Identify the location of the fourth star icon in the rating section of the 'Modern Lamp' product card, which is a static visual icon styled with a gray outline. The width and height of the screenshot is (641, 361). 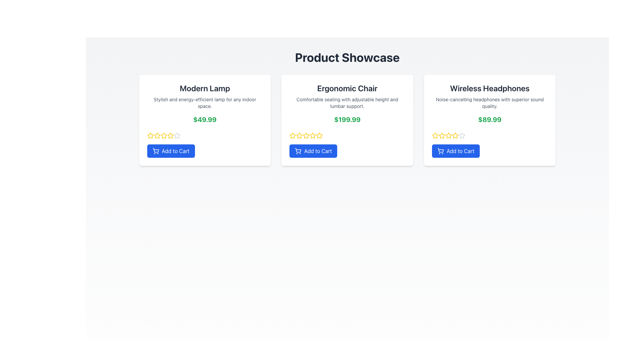
(177, 135).